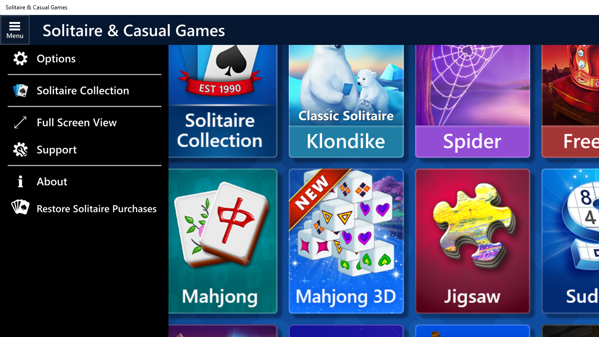 The height and width of the screenshot is (337, 599). Describe the element at coordinates (222, 99) in the screenshot. I see `'Microsoft Solitaire Collection'` at that location.